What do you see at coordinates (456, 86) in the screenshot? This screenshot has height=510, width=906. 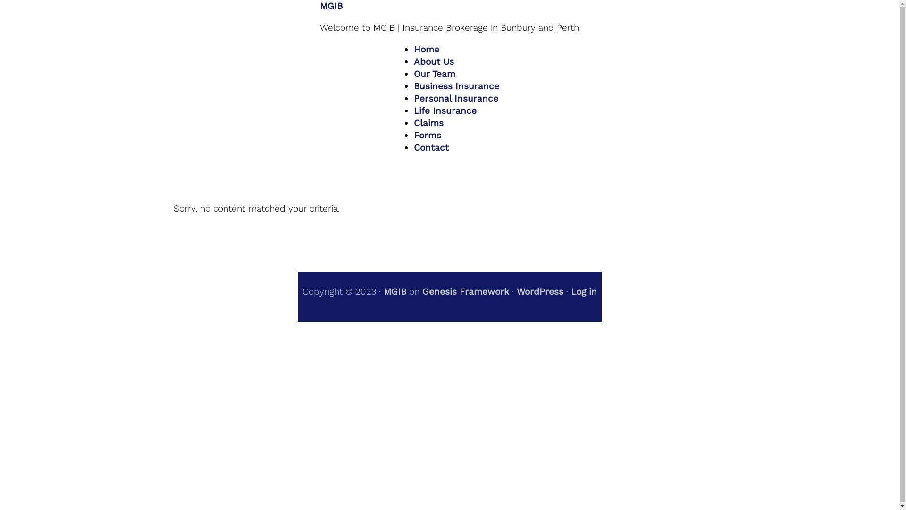 I see `'Business Insurance'` at bounding box center [456, 86].